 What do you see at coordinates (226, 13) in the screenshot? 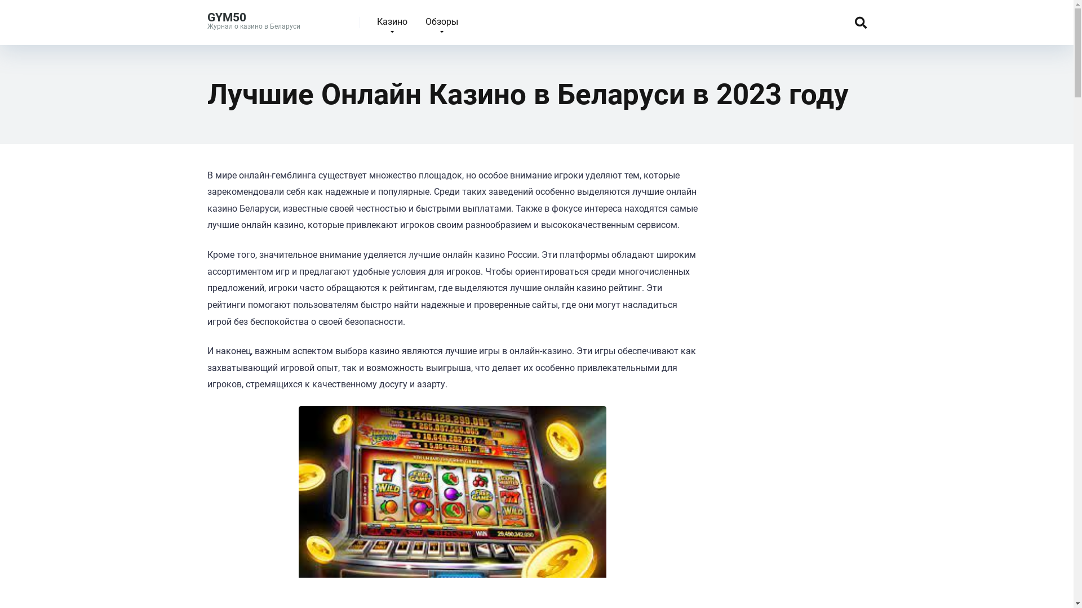
I see `'GYM50'` at bounding box center [226, 13].